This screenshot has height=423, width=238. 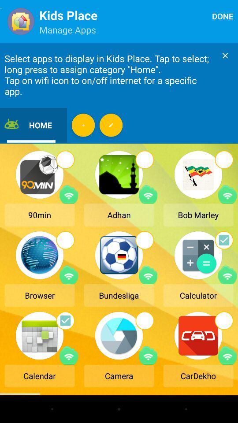 I want to click on the edit icon, so click(x=111, y=125).